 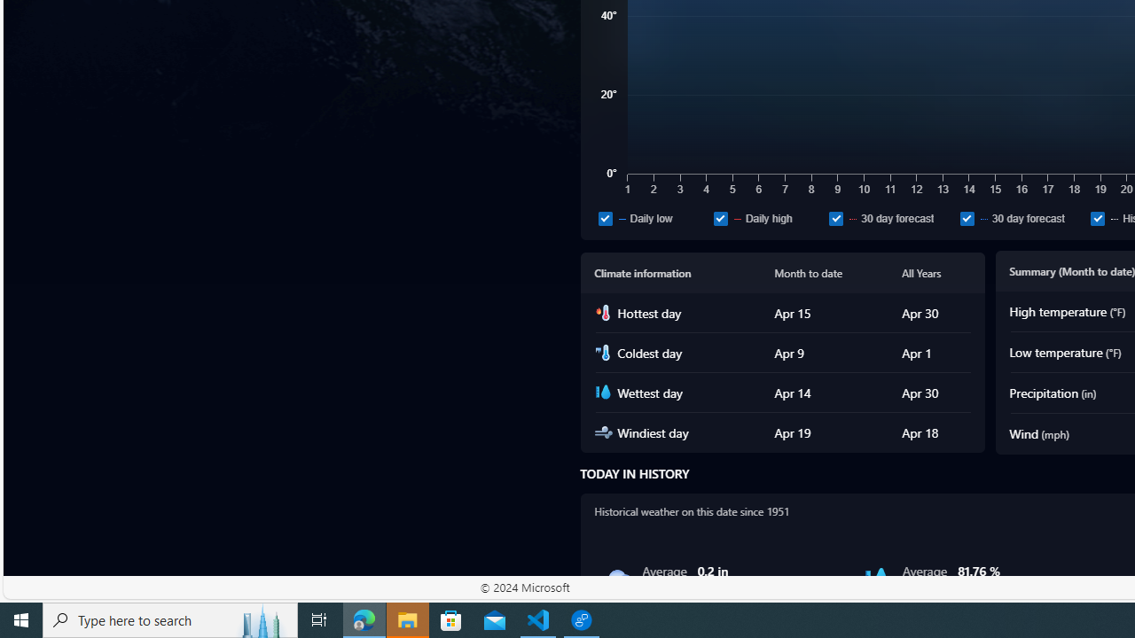 I want to click on 'Daily low', so click(x=652, y=217).